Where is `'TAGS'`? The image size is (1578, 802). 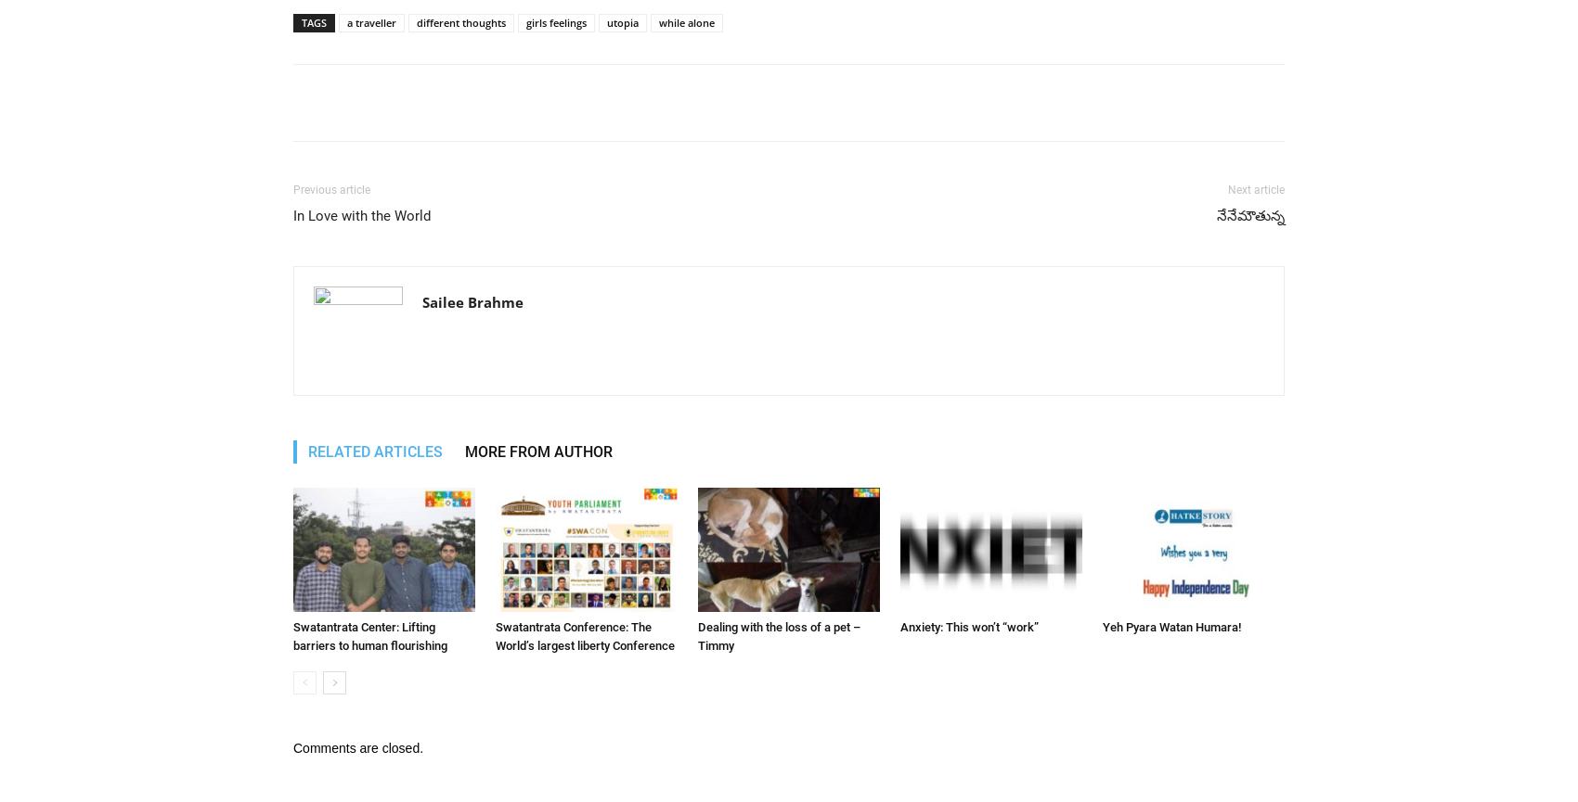 'TAGS' is located at coordinates (313, 21).